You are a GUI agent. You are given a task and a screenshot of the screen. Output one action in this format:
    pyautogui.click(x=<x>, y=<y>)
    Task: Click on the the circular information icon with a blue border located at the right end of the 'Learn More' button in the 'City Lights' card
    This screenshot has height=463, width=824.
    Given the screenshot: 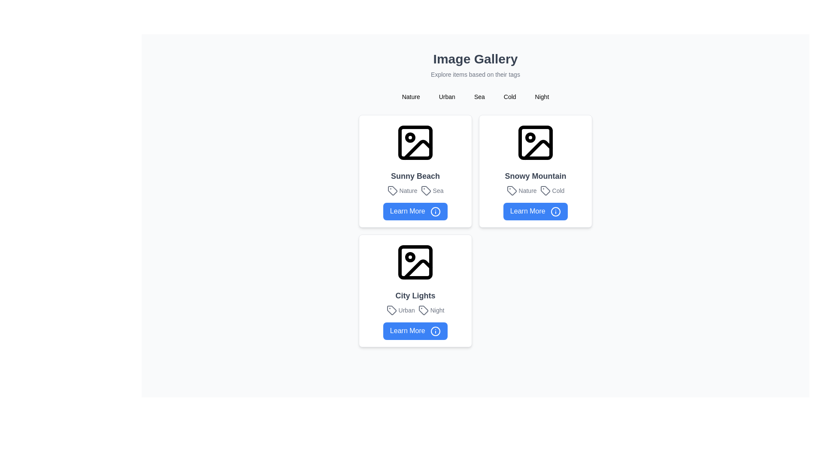 What is the action you would take?
    pyautogui.click(x=436, y=331)
    